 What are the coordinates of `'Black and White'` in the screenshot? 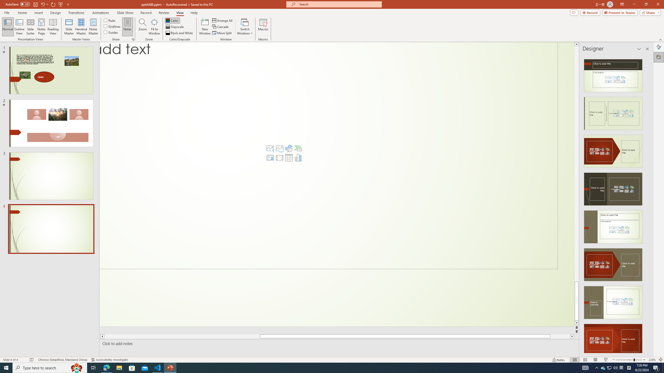 It's located at (179, 33).